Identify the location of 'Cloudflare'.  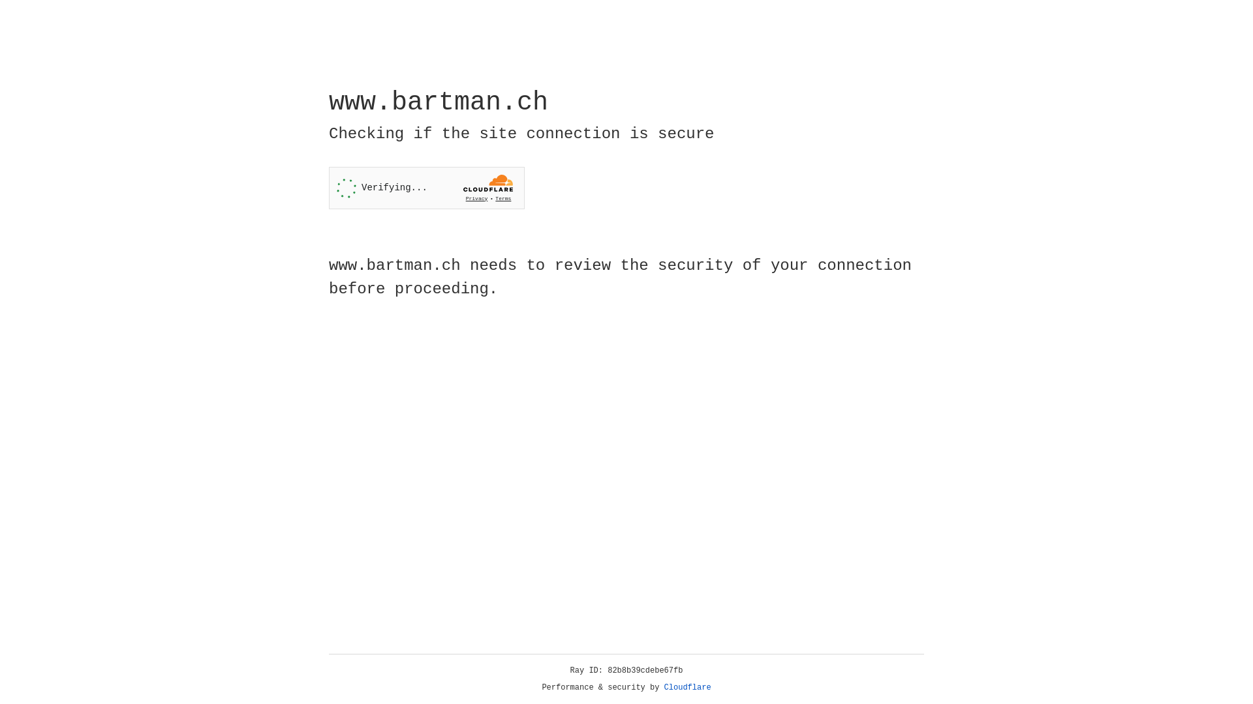
(687, 687).